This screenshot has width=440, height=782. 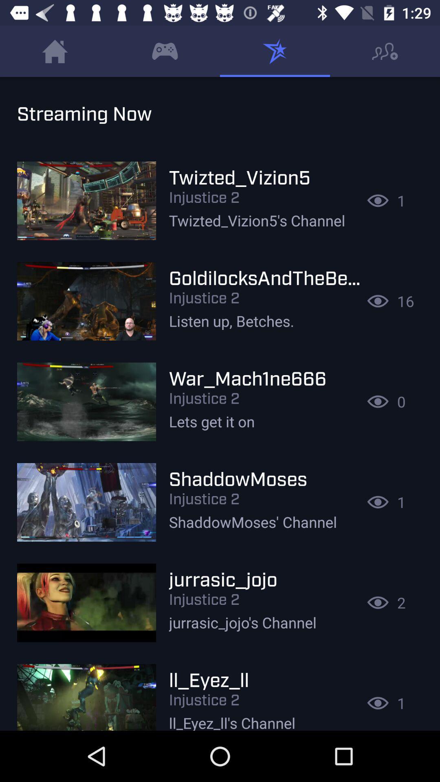 I want to click on the last image, so click(x=86, y=692).